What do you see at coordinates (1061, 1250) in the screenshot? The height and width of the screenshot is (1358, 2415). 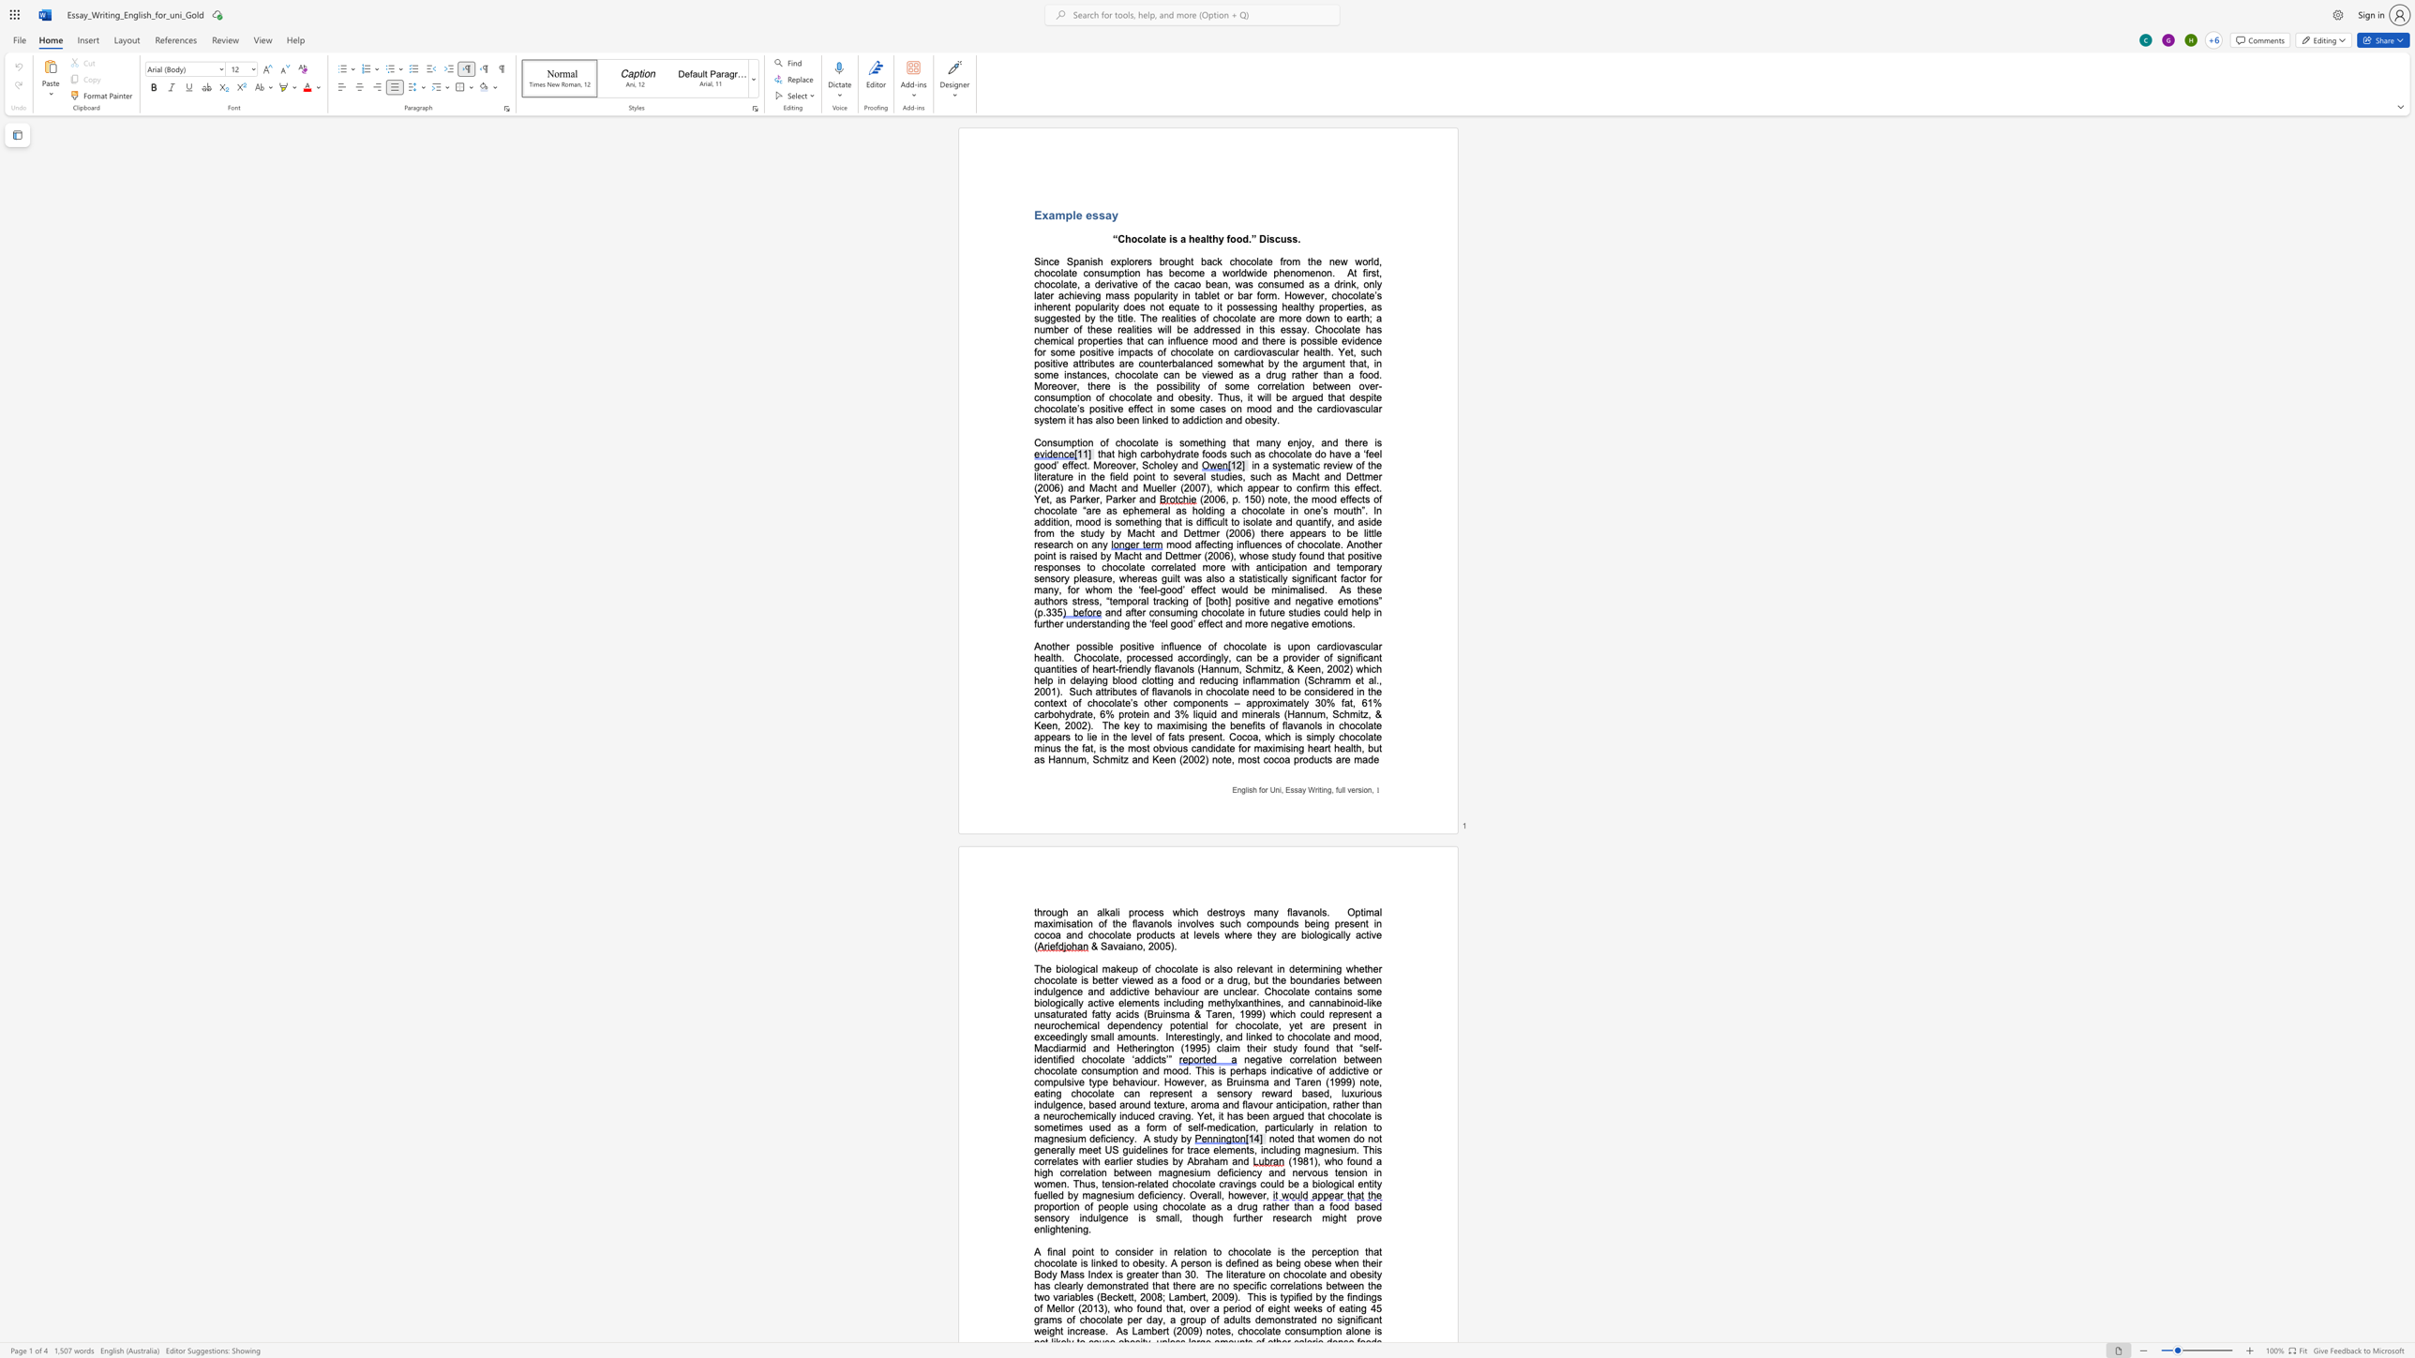 I see `the space between the continuous character "a" and "l" in the text` at bounding box center [1061, 1250].